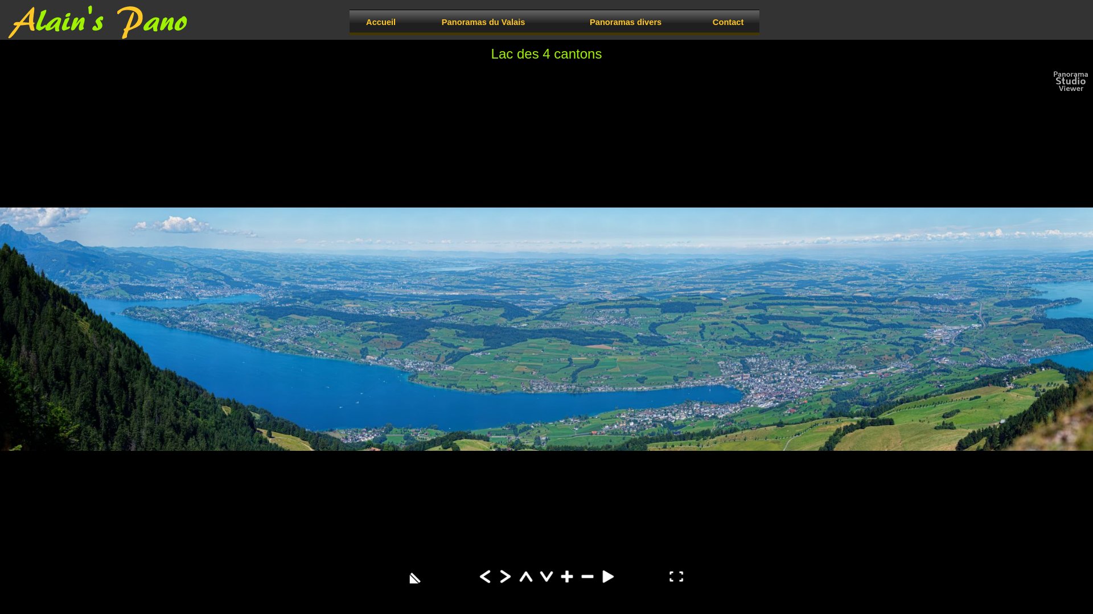 Image resolution: width=1093 pixels, height=614 pixels. What do you see at coordinates (483, 22) in the screenshot?
I see `'Panoramas du Valais'` at bounding box center [483, 22].